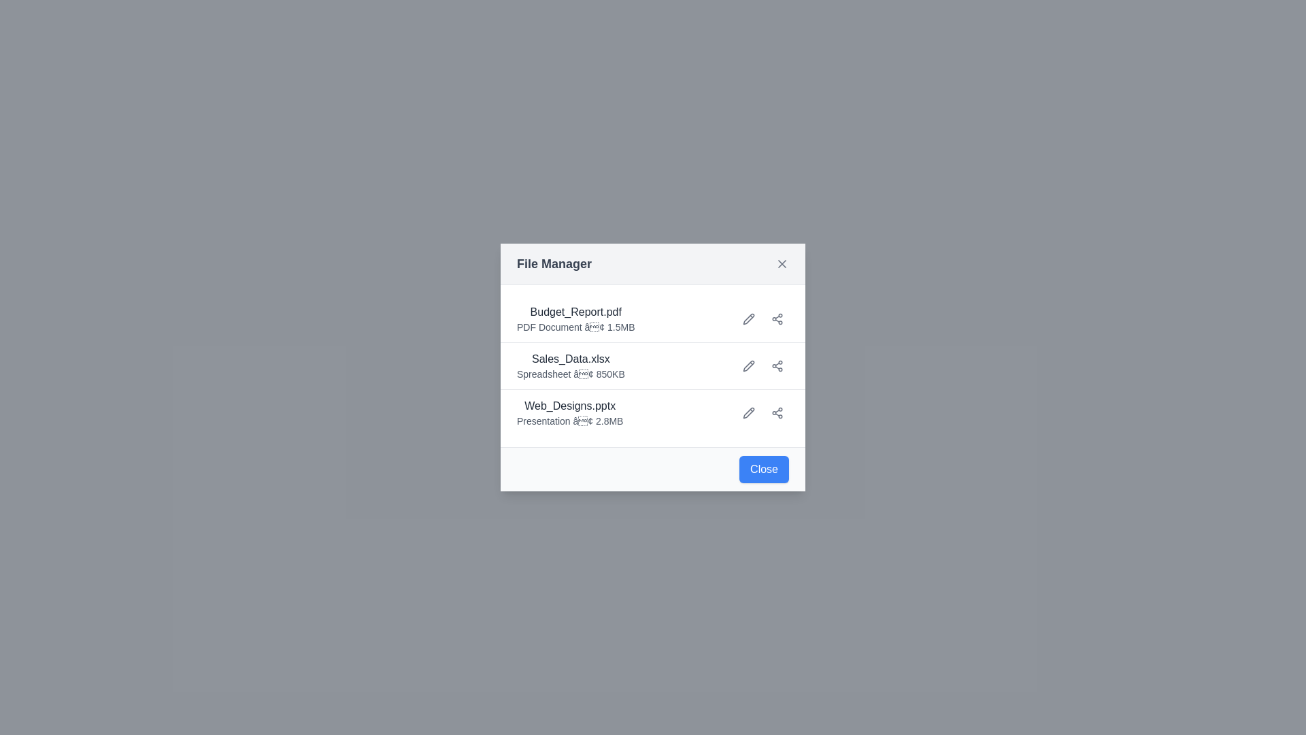  Describe the element at coordinates (570, 412) in the screenshot. I see `the file entry Web_Designs.pptx` at that location.